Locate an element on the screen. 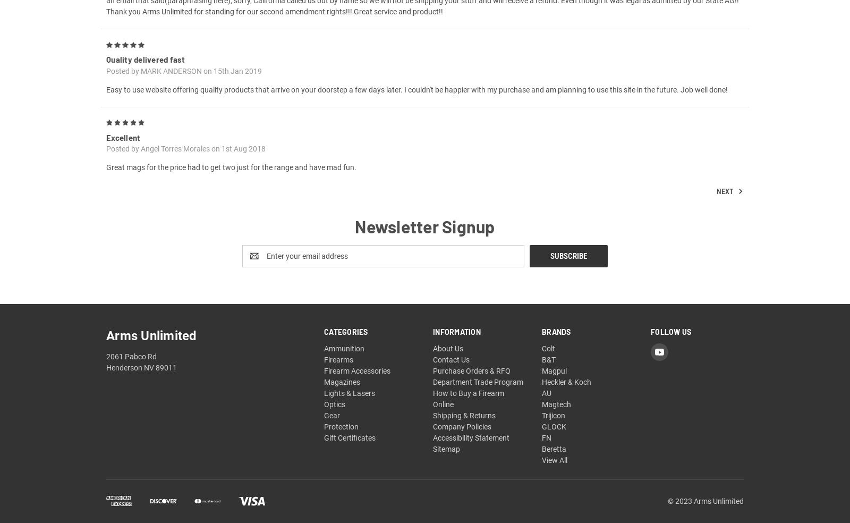  'Magazines' is located at coordinates (342, 394).